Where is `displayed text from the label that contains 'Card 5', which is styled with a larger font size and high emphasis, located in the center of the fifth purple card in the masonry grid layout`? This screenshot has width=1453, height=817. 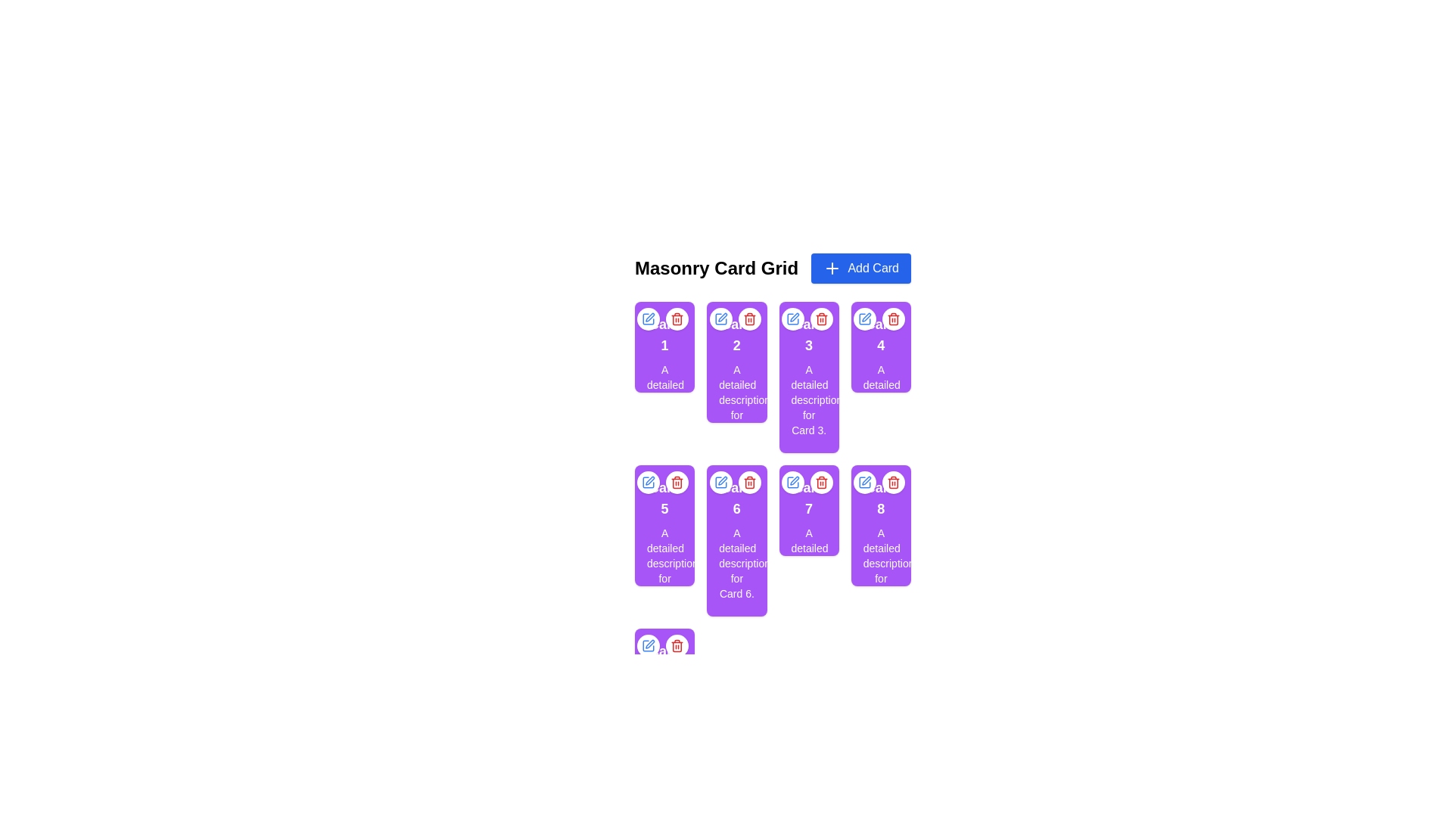 displayed text from the label that contains 'Card 5', which is styled with a larger font size and high emphasis, located in the center of the fifth purple card in the masonry grid layout is located at coordinates (664, 499).